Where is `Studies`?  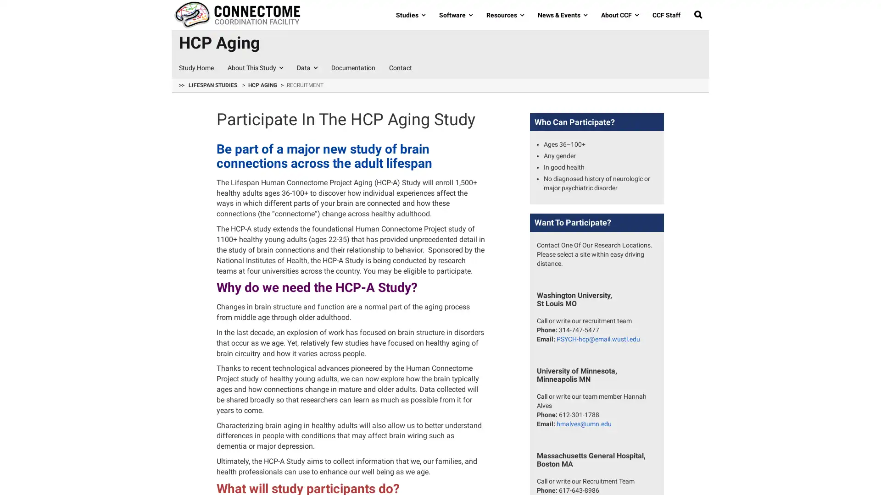
Studies is located at coordinates (410, 17).